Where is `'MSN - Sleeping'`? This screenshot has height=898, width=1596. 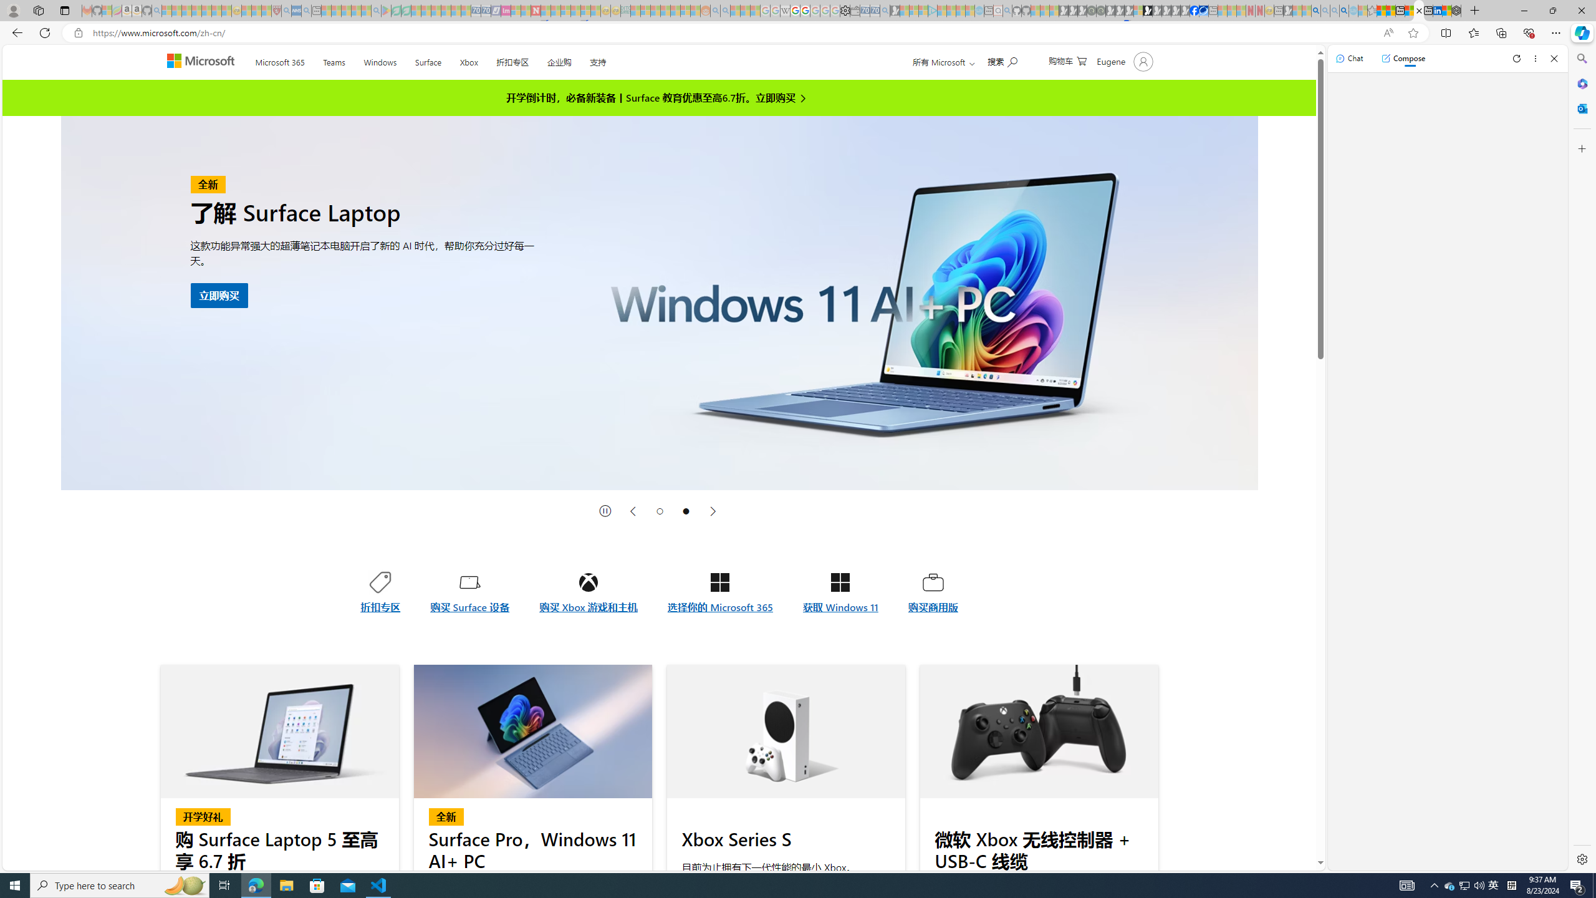
'MSN - Sleeping' is located at coordinates (1287, 10).